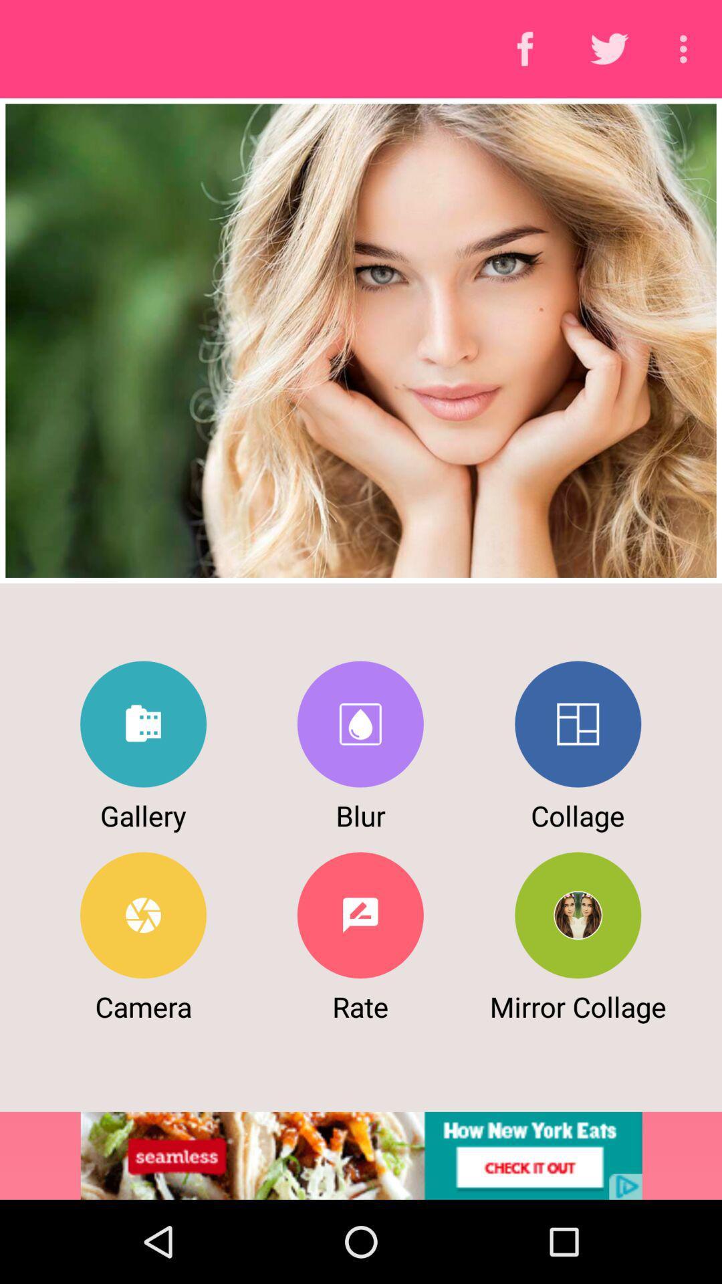 The image size is (722, 1284). Describe the element at coordinates (143, 724) in the screenshot. I see `gallery` at that location.